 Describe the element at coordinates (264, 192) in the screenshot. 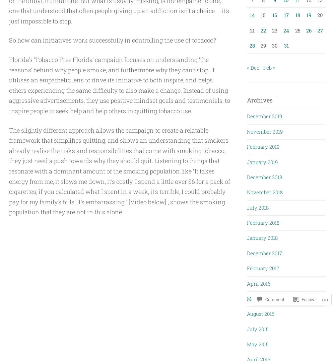

I see `'November 2018'` at that location.